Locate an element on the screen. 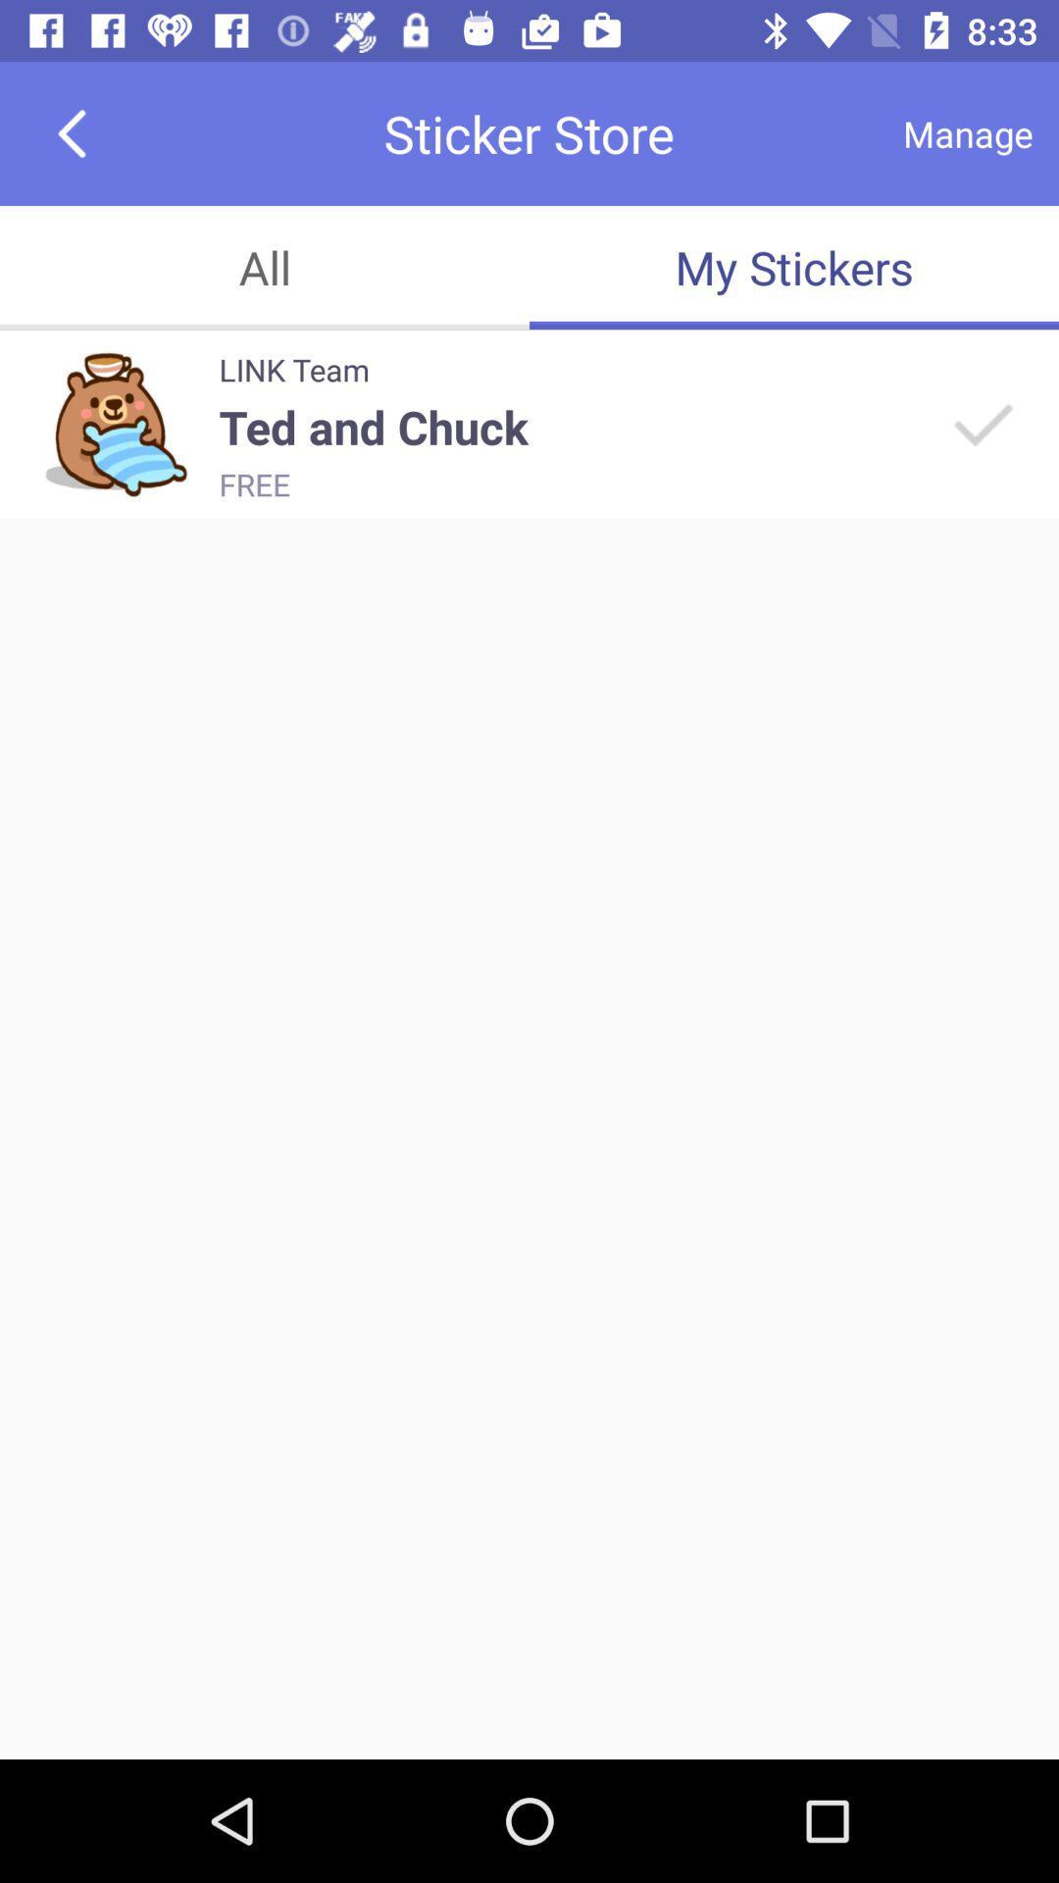  icon above the all is located at coordinates (71, 132).